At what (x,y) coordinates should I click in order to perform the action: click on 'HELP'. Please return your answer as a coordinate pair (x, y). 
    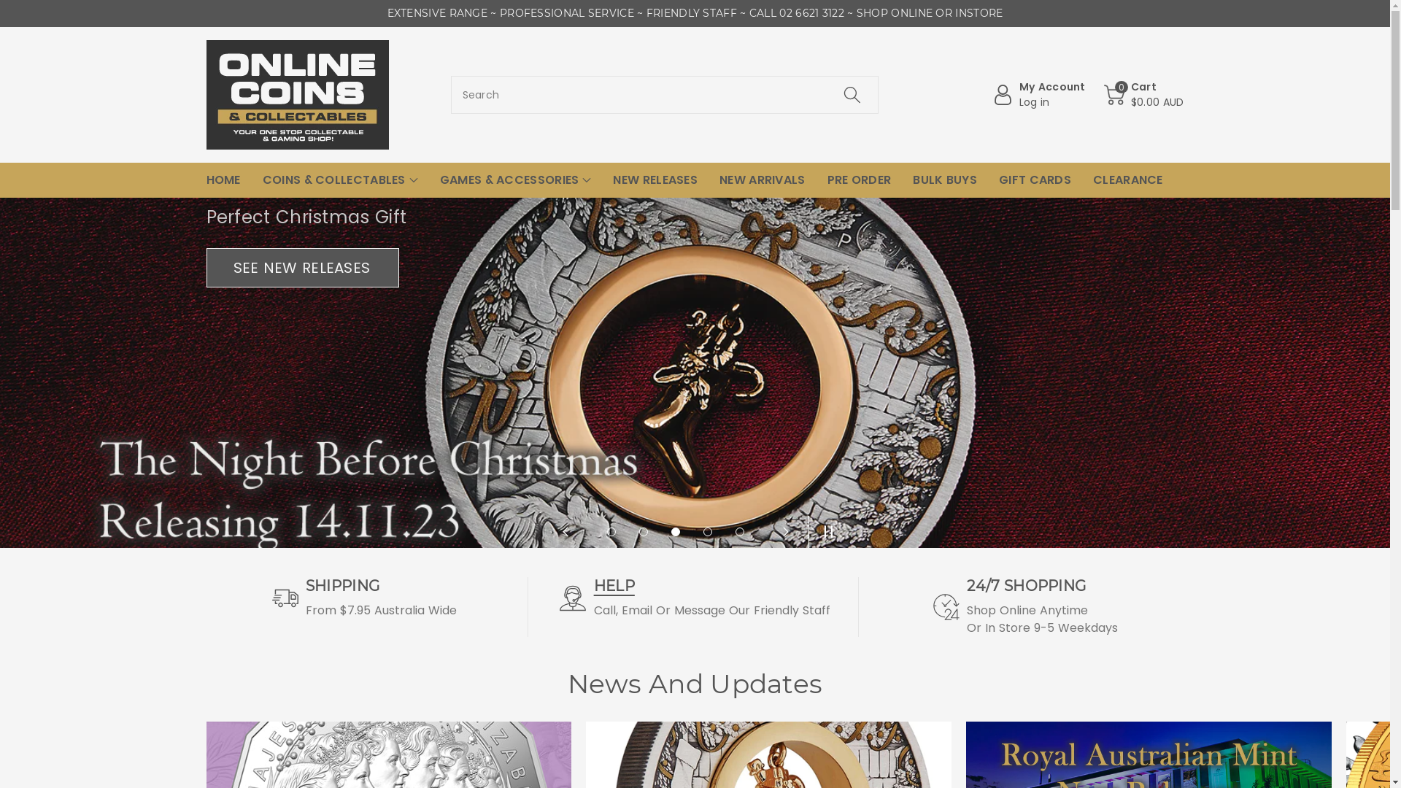
    Looking at the image, I should click on (594, 584).